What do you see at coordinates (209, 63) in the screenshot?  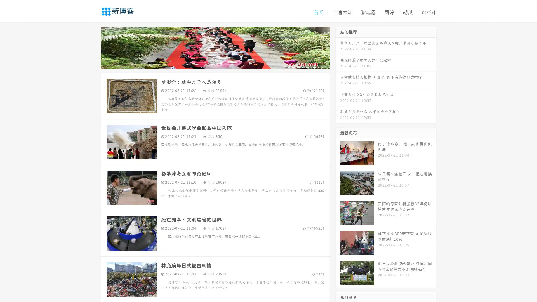 I see `Go to slide 1` at bounding box center [209, 63].